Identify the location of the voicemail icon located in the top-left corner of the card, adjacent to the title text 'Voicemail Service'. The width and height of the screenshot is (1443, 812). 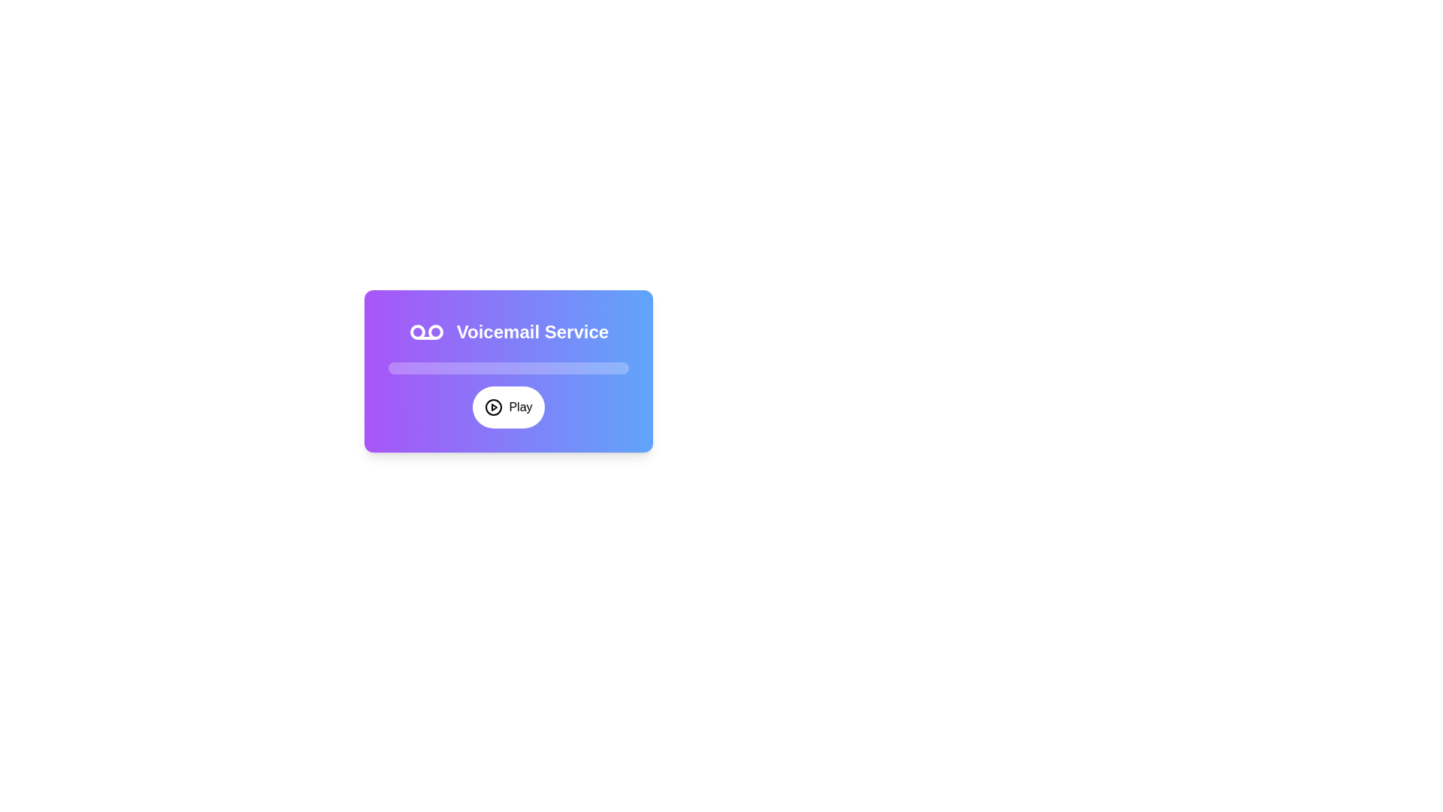
(425, 332).